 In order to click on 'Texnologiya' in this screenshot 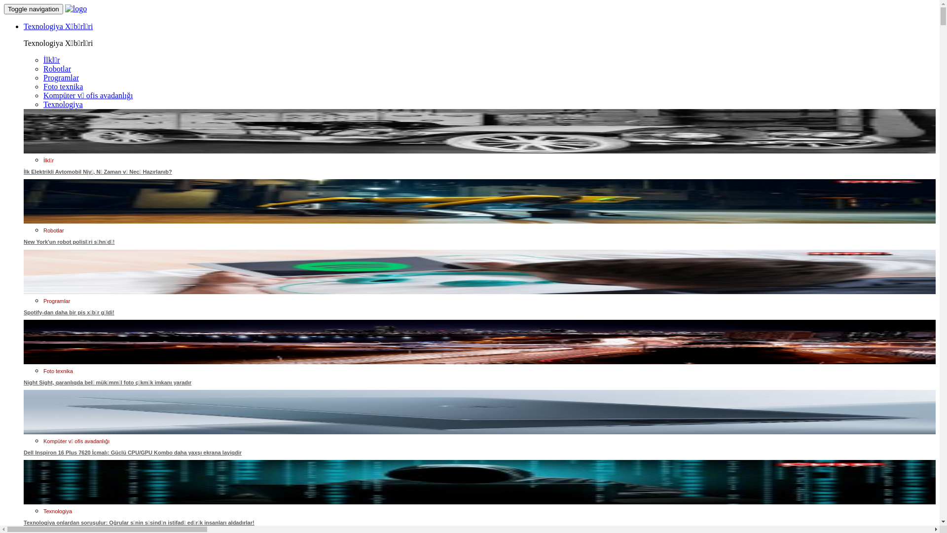, I will do `click(63, 104)`.